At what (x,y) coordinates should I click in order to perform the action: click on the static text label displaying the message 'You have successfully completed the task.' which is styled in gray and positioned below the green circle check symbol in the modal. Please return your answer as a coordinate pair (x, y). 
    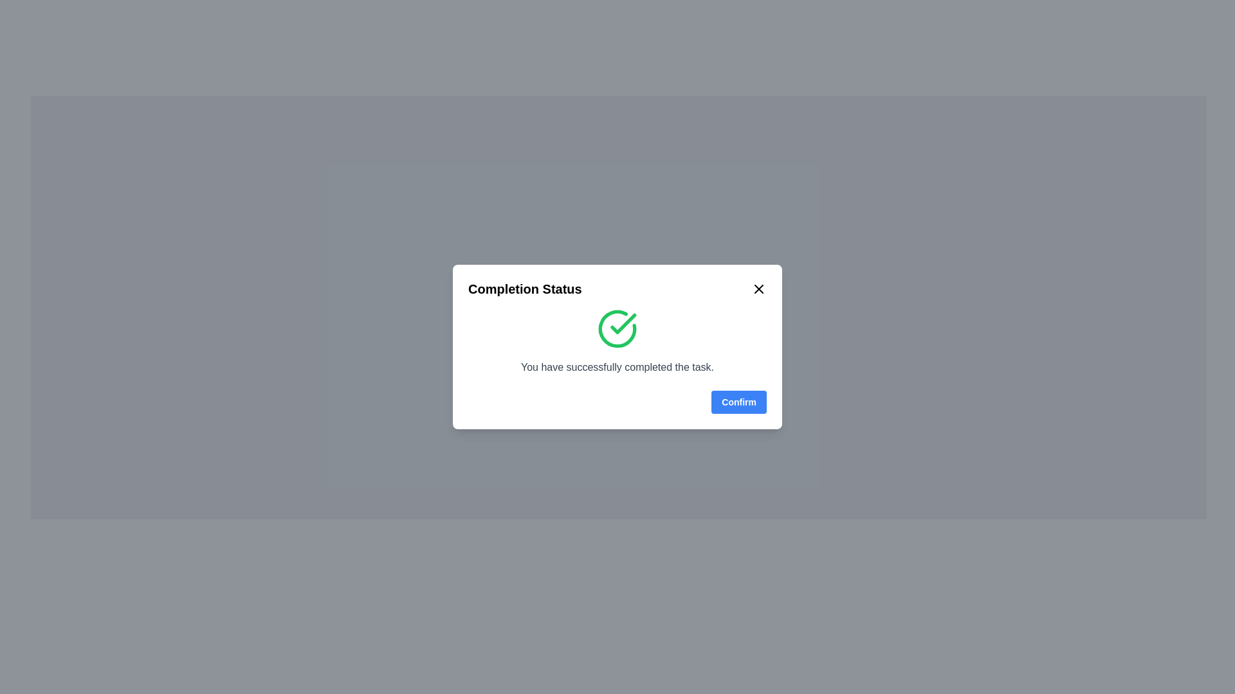
    Looking at the image, I should click on (617, 367).